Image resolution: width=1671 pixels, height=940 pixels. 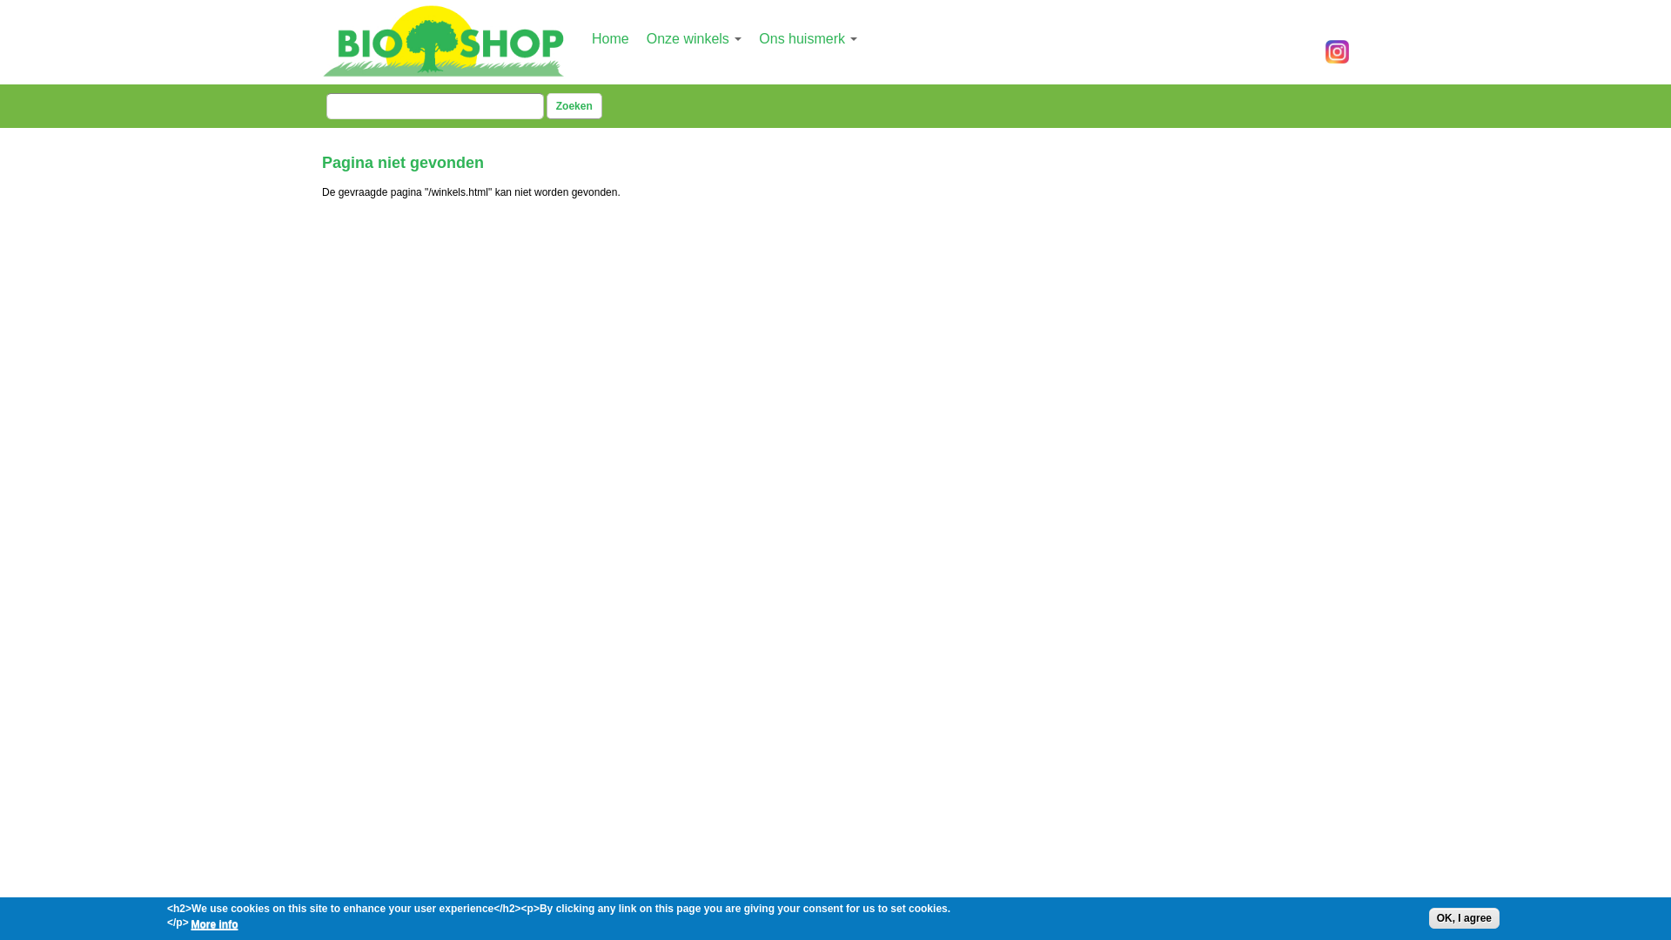 I want to click on 'OK, I agree', so click(x=1428, y=917).